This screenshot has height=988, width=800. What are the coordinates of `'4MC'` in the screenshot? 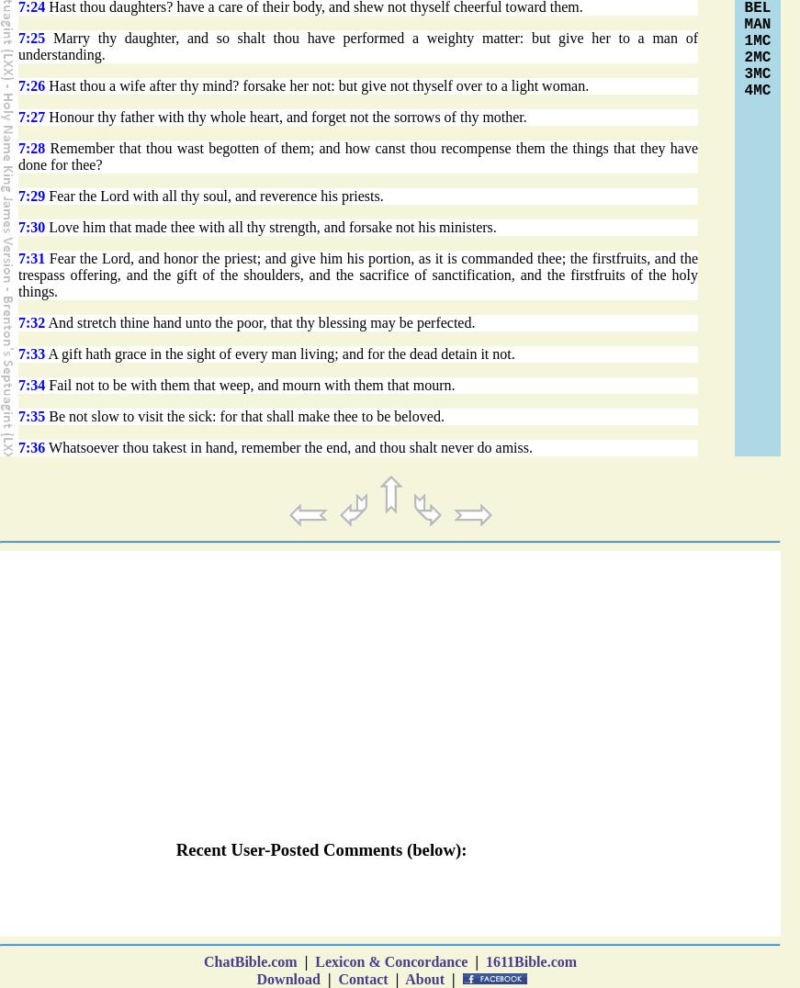 It's located at (757, 89).